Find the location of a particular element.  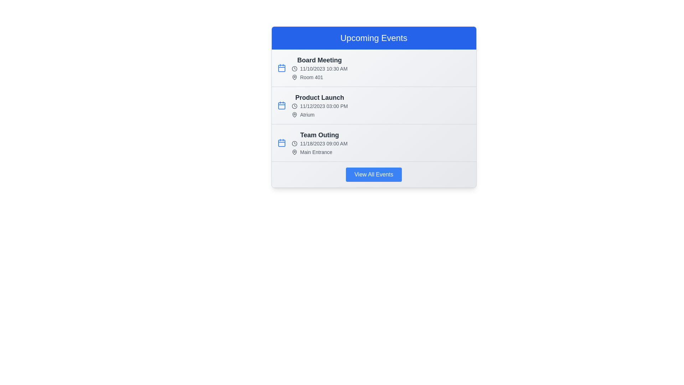

the Informational Block that conveys details about an event, positioned at the top of the 'Upcoming Events' list is located at coordinates (319, 68).